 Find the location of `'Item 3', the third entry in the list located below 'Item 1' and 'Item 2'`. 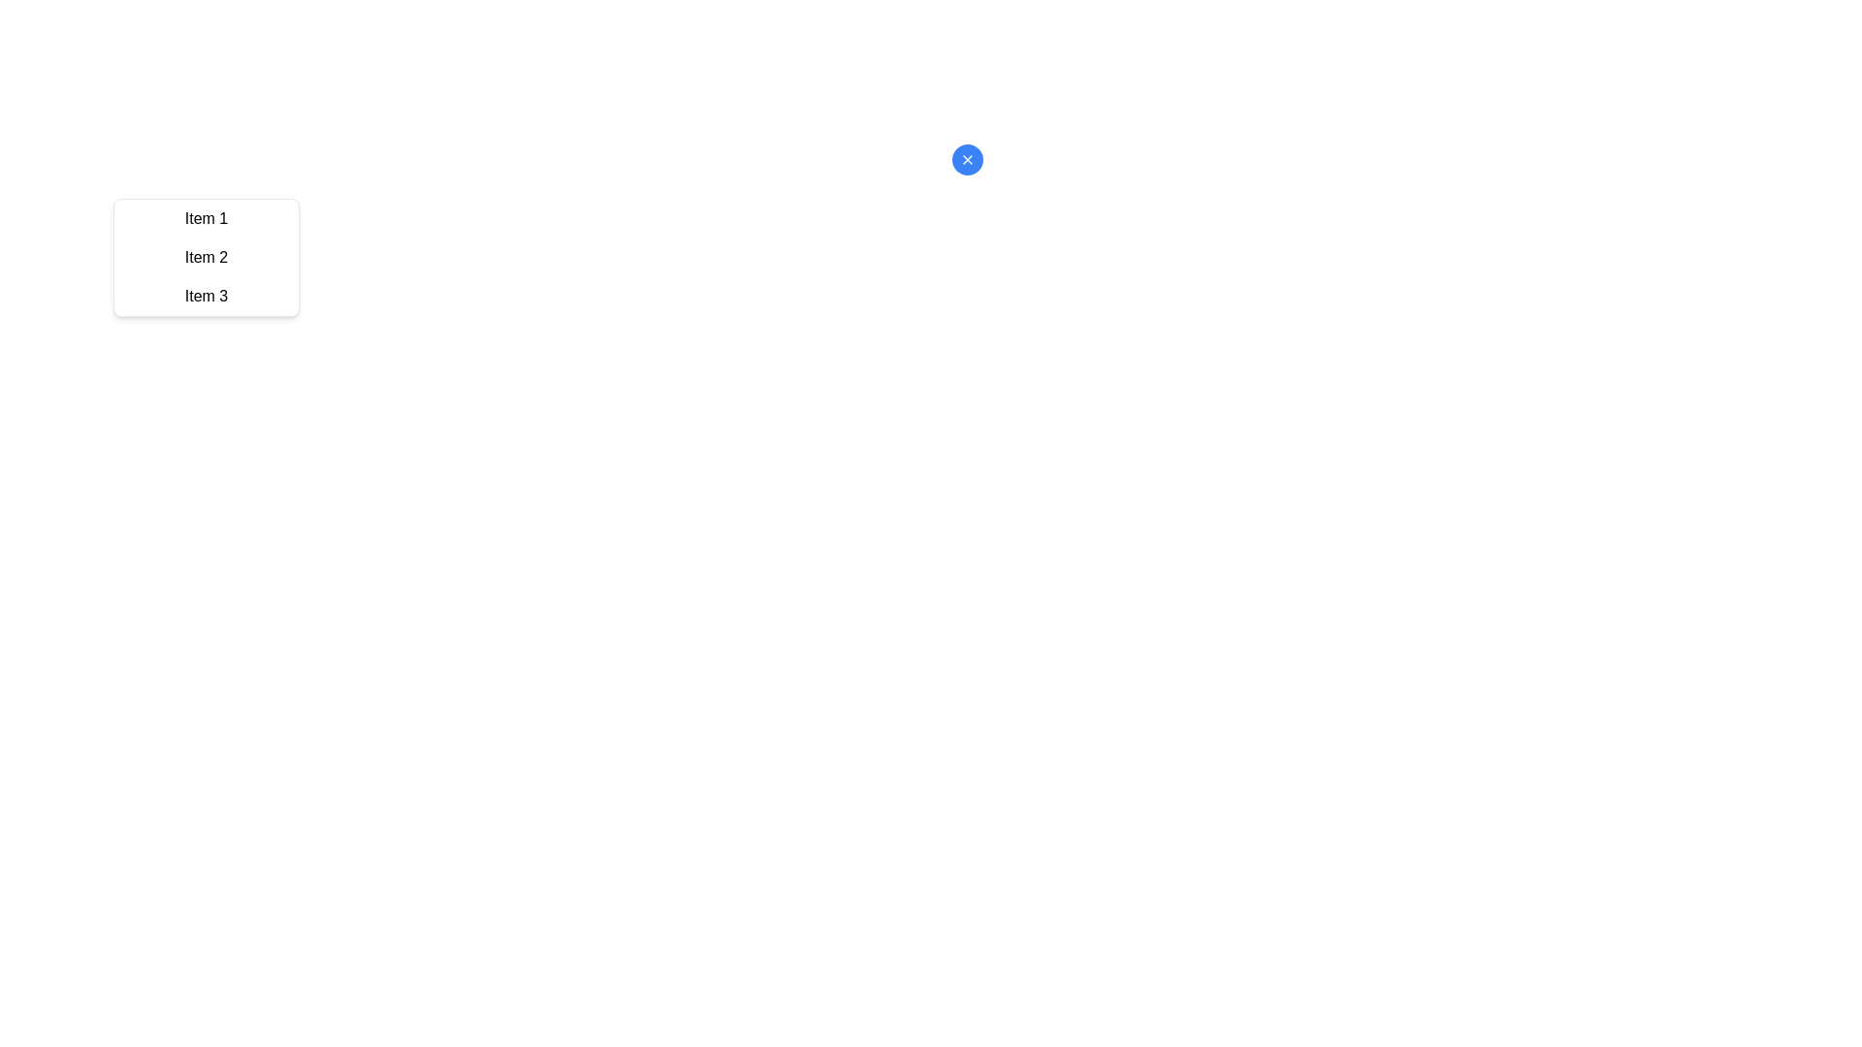

'Item 3', the third entry in the list located below 'Item 1' and 'Item 2' is located at coordinates (206, 296).